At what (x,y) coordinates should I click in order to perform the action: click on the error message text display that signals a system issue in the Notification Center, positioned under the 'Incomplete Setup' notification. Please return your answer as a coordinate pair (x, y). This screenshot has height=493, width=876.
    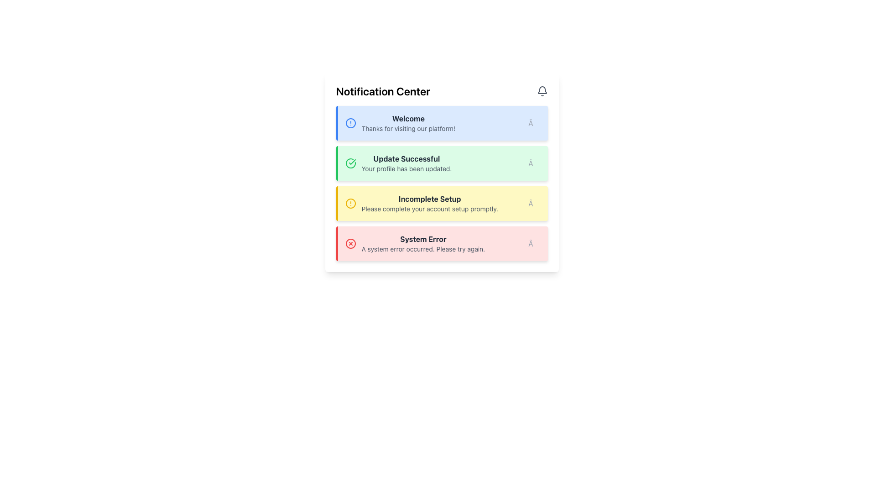
    Looking at the image, I should click on (422, 243).